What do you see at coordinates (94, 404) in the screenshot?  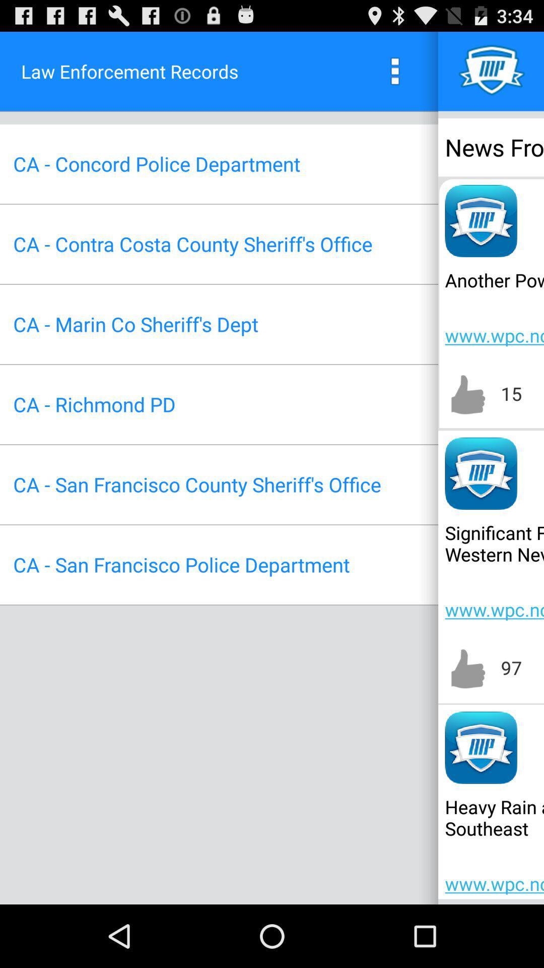 I see `item above ca san francisco icon` at bounding box center [94, 404].